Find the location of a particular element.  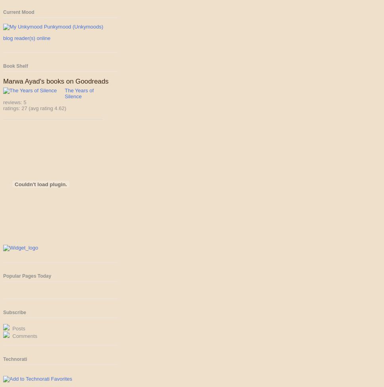

'blog reader(s) online' is located at coordinates (26, 38).